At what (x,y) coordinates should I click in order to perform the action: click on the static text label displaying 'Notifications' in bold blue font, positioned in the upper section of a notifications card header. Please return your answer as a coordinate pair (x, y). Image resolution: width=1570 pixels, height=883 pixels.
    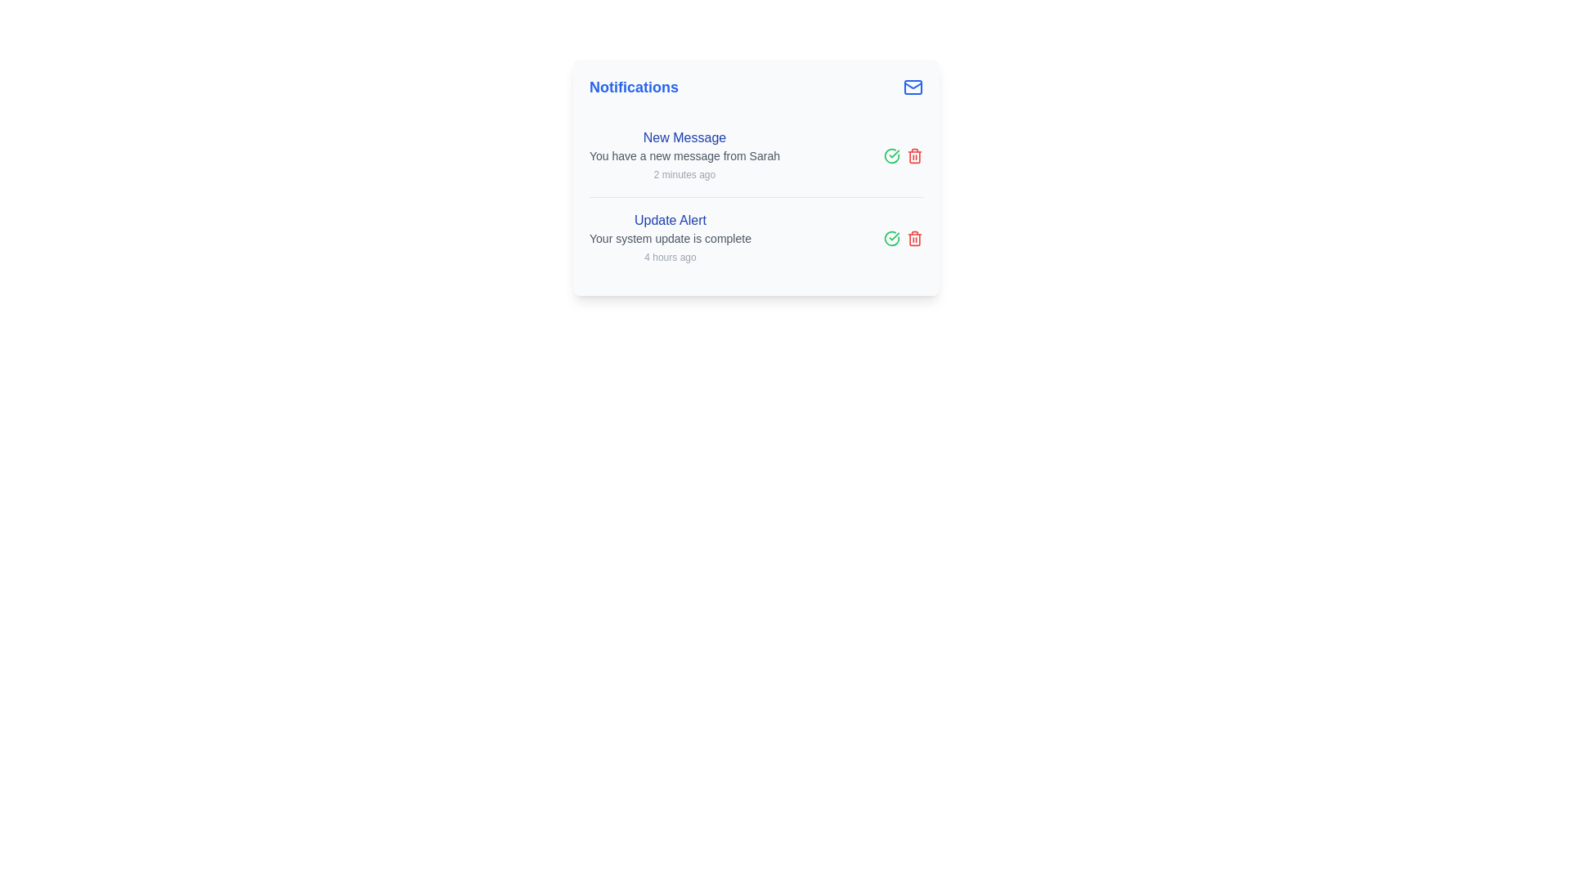
    Looking at the image, I should click on (633, 87).